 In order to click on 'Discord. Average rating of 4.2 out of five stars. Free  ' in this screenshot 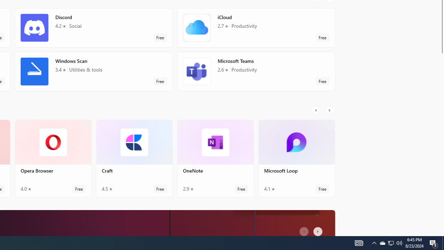, I will do `click(93, 27)`.